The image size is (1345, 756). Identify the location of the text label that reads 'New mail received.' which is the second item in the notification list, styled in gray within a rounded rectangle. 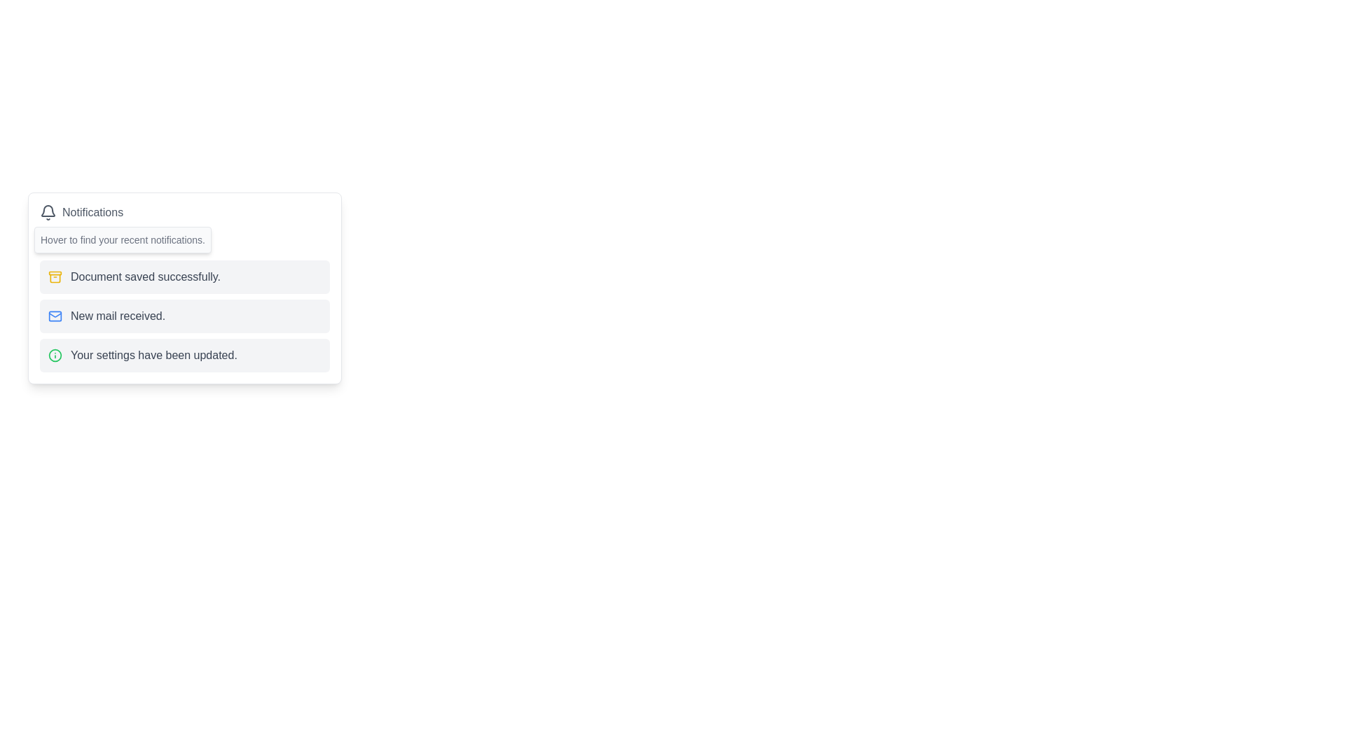
(118, 316).